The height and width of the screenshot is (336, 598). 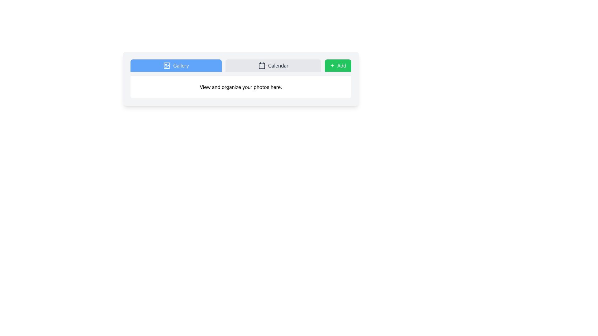 What do you see at coordinates (262, 66) in the screenshot?
I see `the small graphical component resembling a square with rounded corners located in the center of the active calendar icon in the header menu` at bounding box center [262, 66].